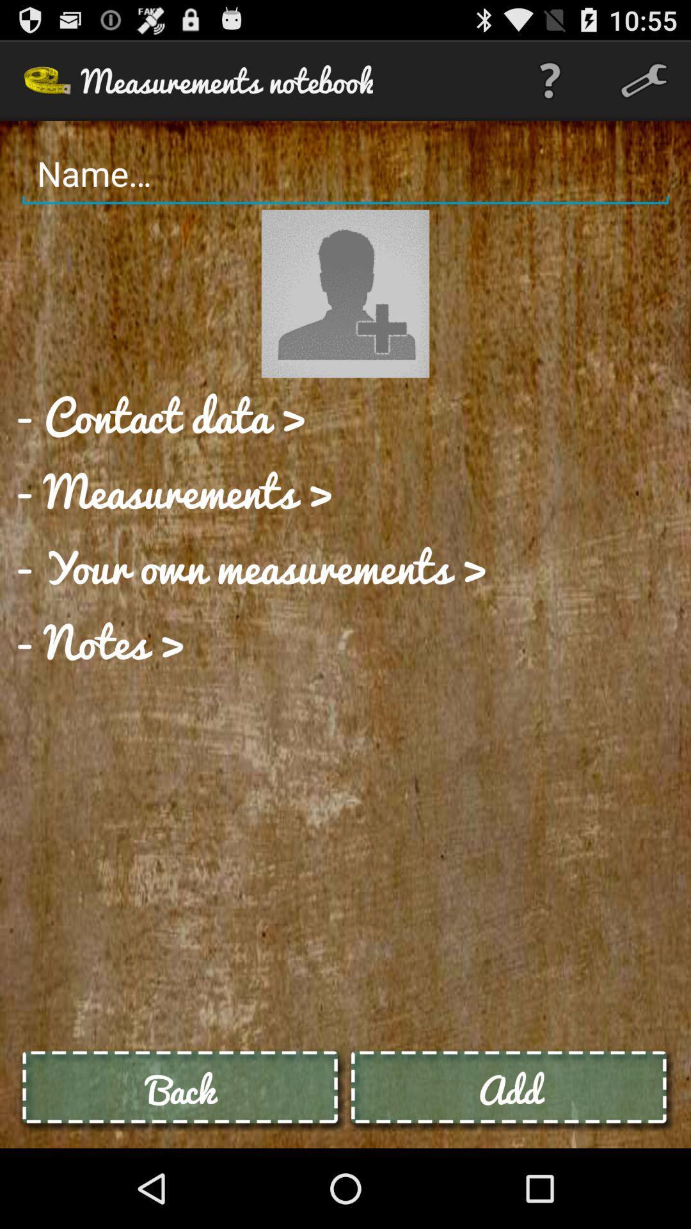 The image size is (691, 1229). What do you see at coordinates (181, 1089) in the screenshot?
I see `item to the left of the add icon` at bounding box center [181, 1089].